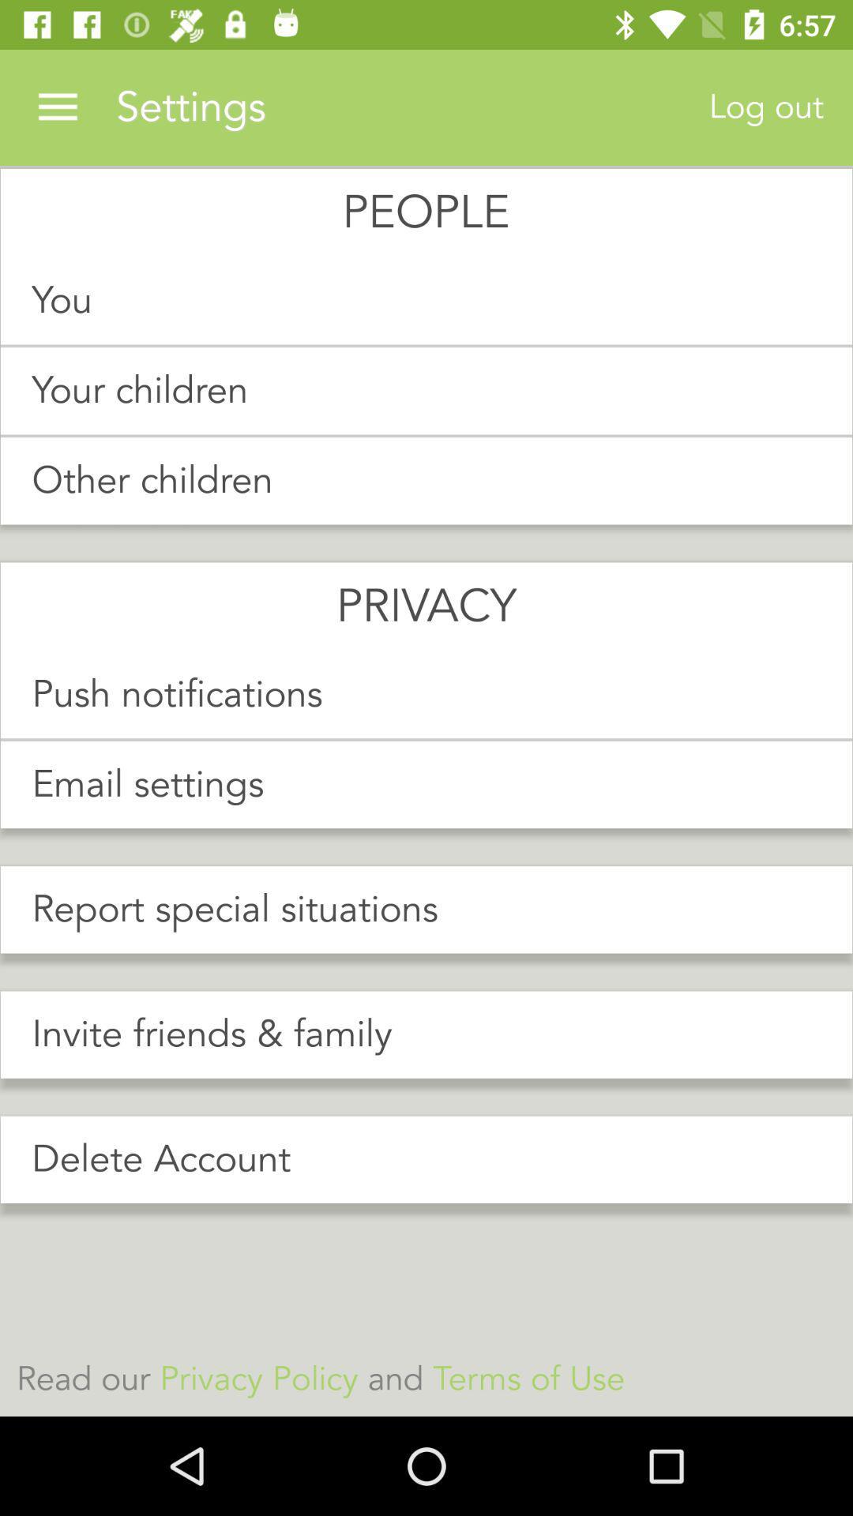 This screenshot has height=1516, width=853. I want to click on the icon below the privacy item, so click(426, 695).